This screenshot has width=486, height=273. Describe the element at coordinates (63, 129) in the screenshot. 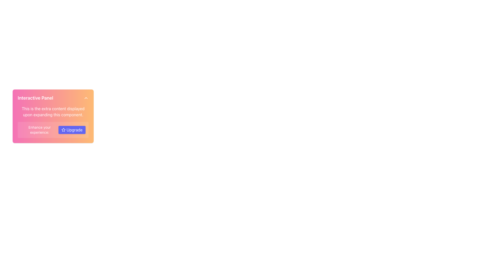

I see `the star icon to the left of the 'Upgrade' text within the blue rounded button in the 'Interactive Panel'` at that location.